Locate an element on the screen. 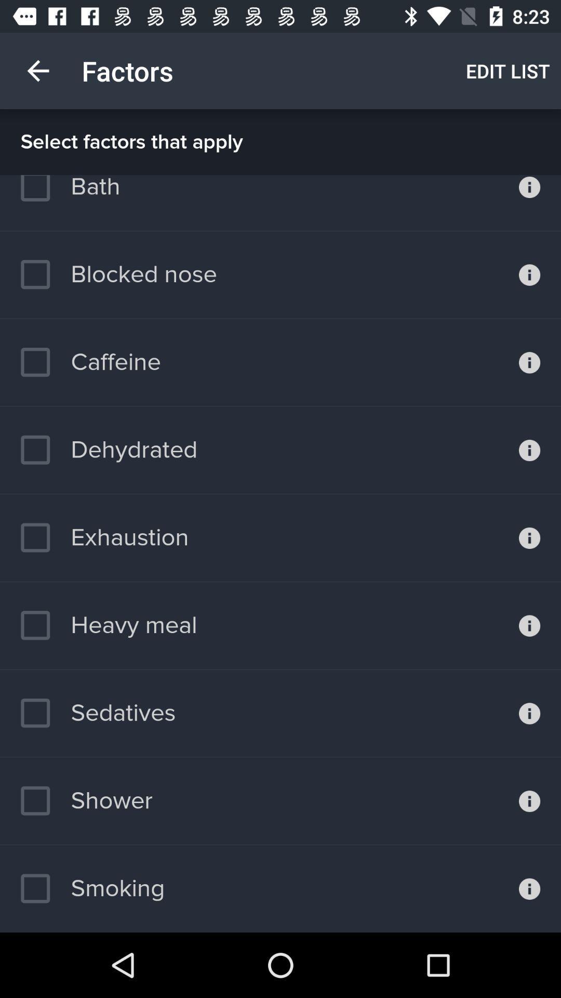 The width and height of the screenshot is (561, 998). item to the left of the factors icon is located at coordinates (37, 70).